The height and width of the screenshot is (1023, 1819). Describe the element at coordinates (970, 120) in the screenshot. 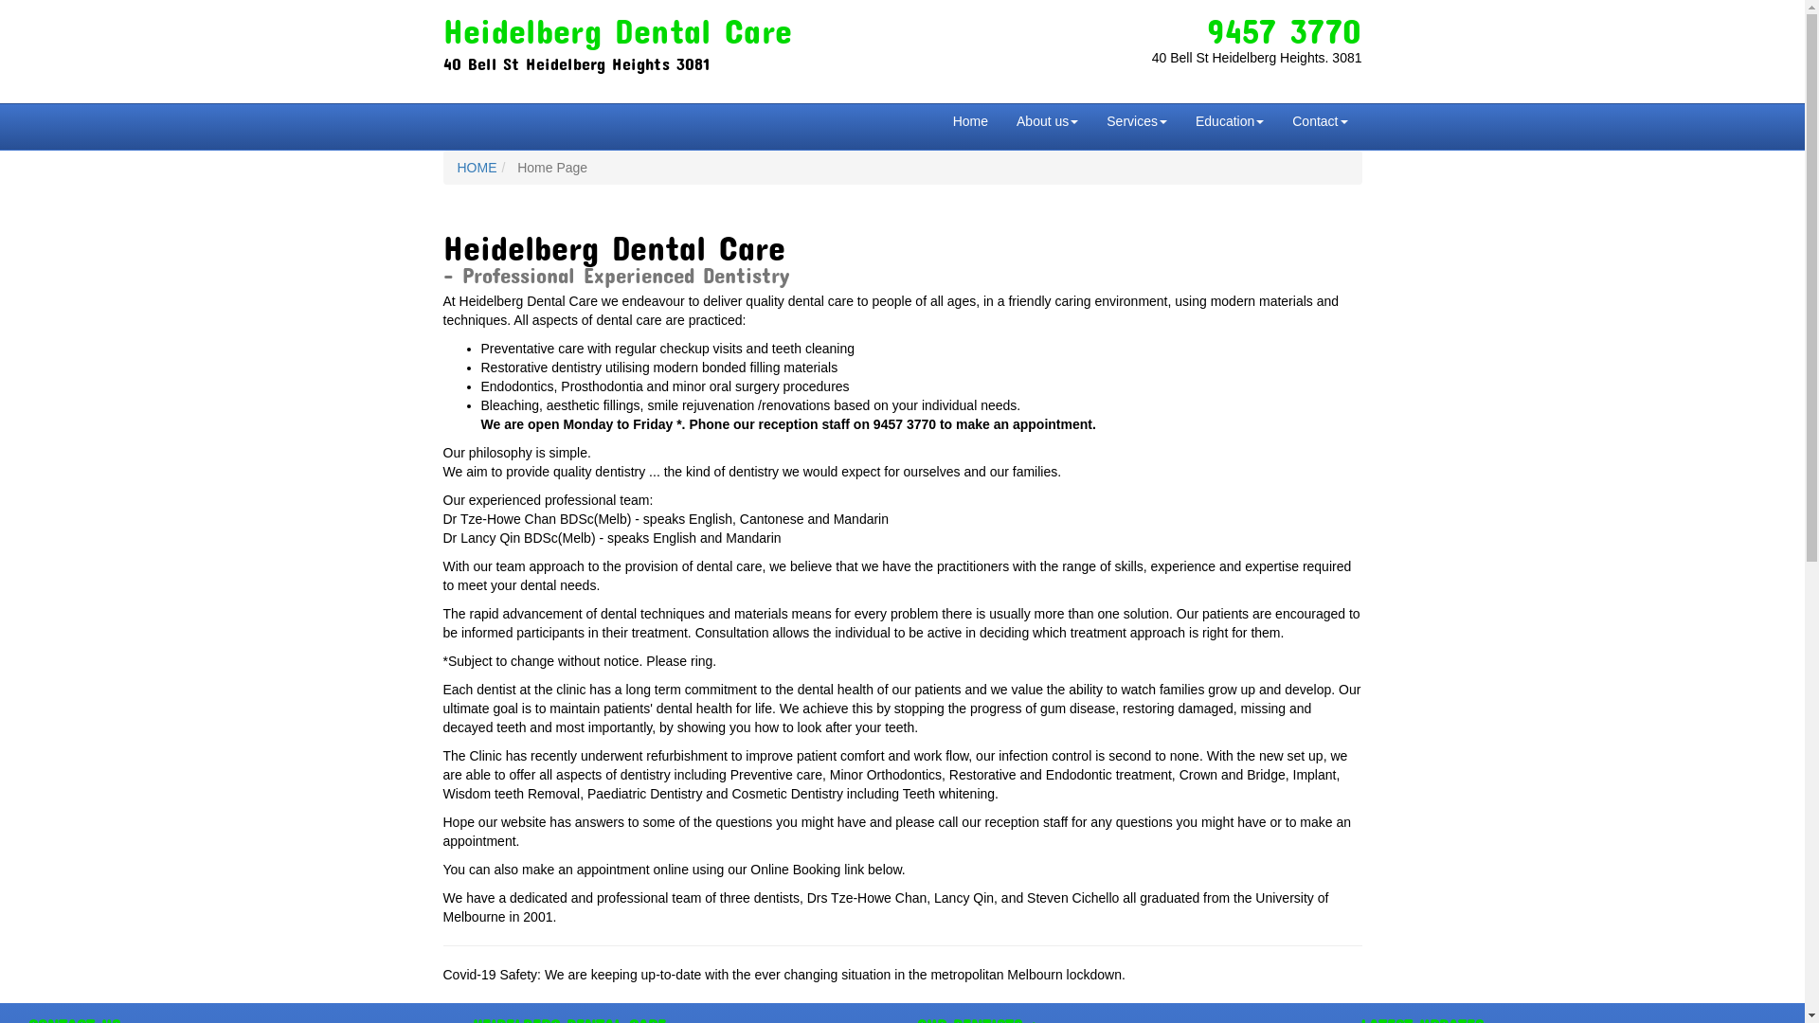

I see `'Home'` at that location.